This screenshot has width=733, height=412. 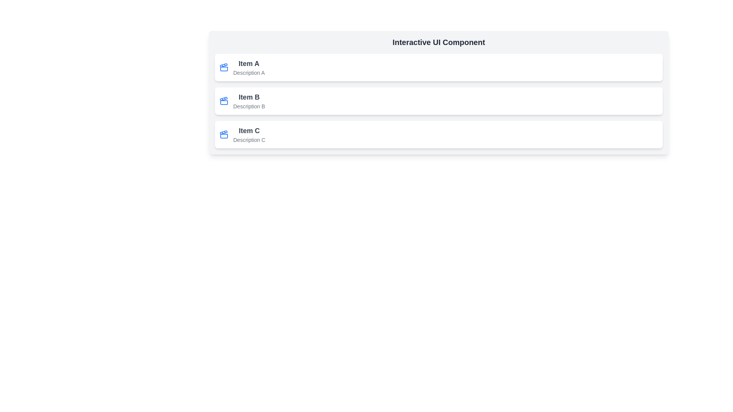 I want to click on the non-interactive text label indicating 'Item C', which is situated above 'Description C' and below 'Item A' and 'Item B', so click(x=249, y=130).